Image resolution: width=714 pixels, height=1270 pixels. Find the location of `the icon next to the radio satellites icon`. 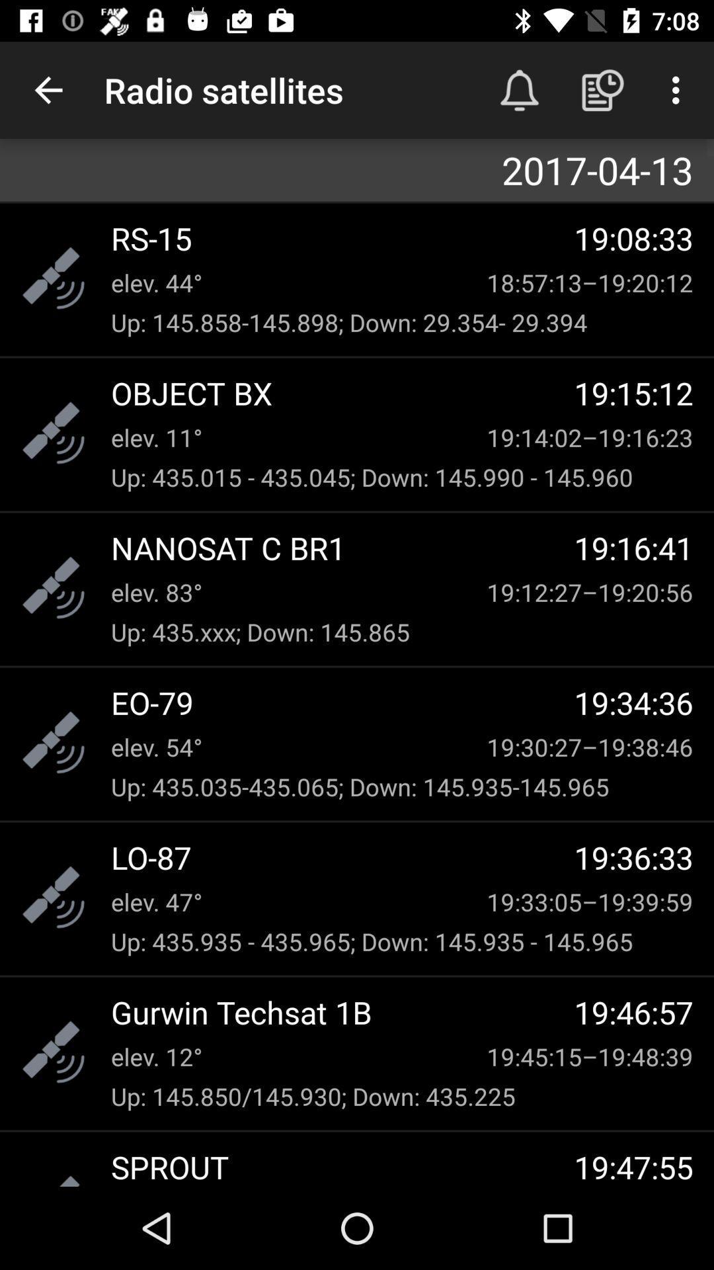

the icon next to the radio satellites icon is located at coordinates (519, 89).